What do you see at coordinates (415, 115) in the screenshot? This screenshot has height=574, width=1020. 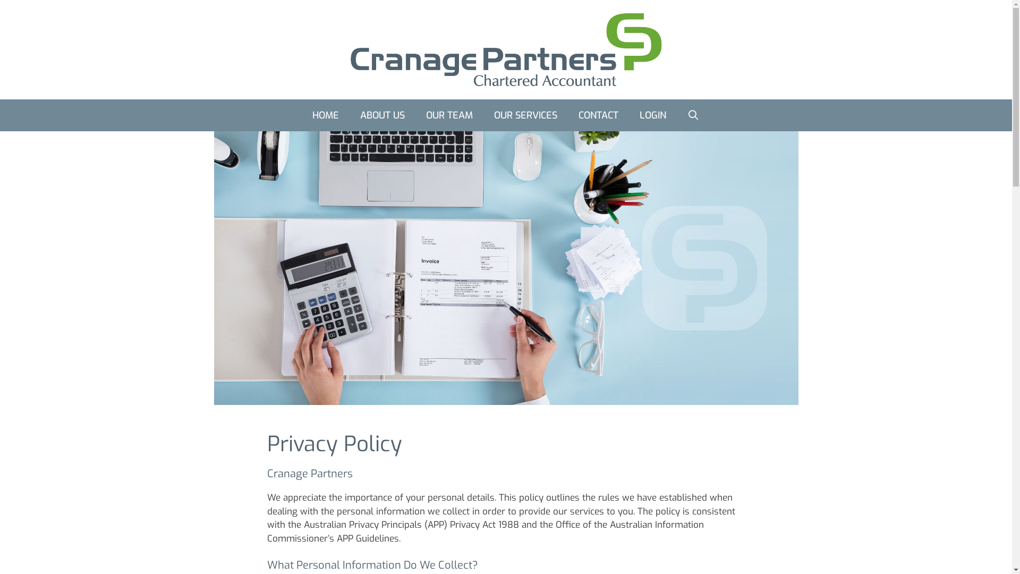 I see `'OUR TEAM'` at bounding box center [415, 115].